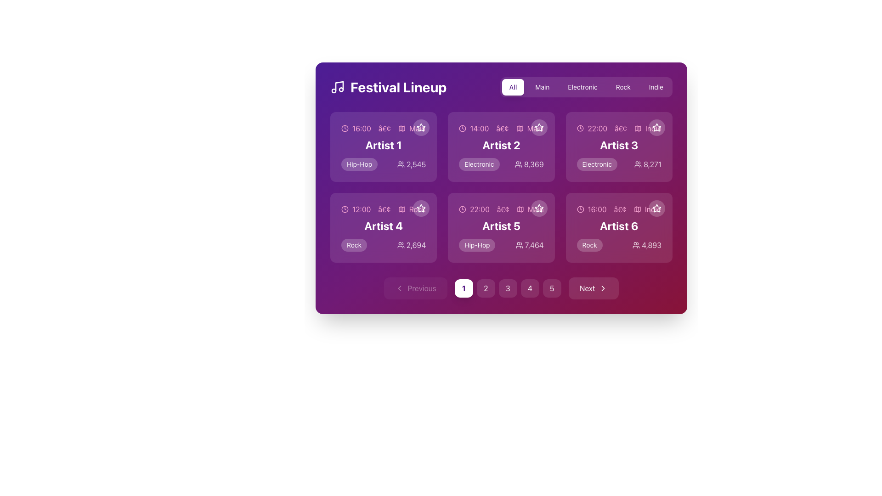 This screenshot has height=496, width=882. I want to click on the chevron-left arrow icon within the 'Previous' navigation button, so click(399, 288).